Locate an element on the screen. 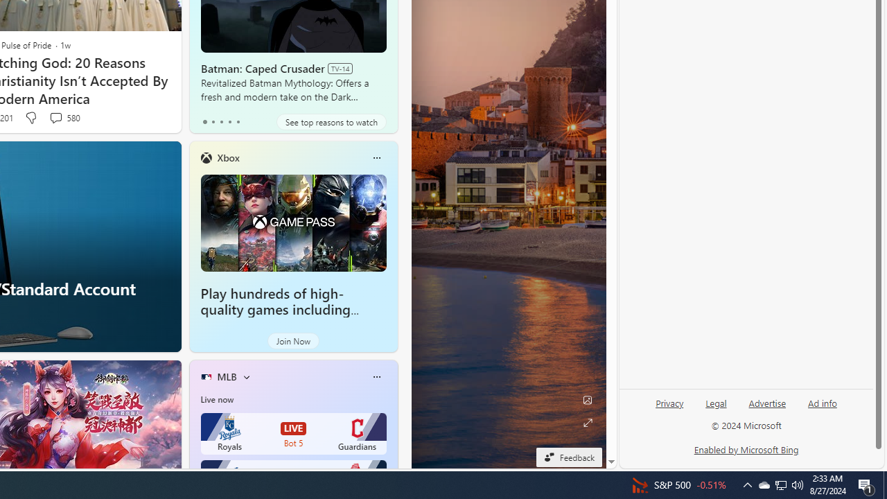 Image resolution: width=887 pixels, height=499 pixels. 'More interests' is located at coordinates (246, 376).